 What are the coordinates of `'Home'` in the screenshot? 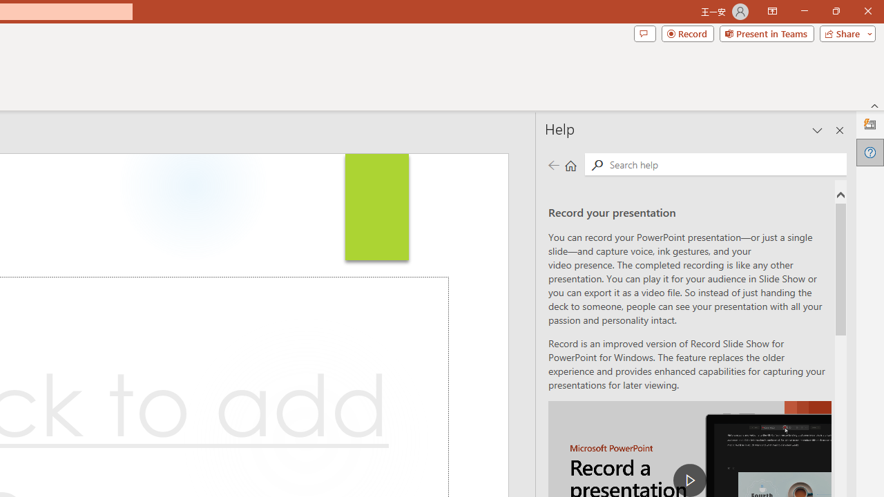 It's located at (570, 164).